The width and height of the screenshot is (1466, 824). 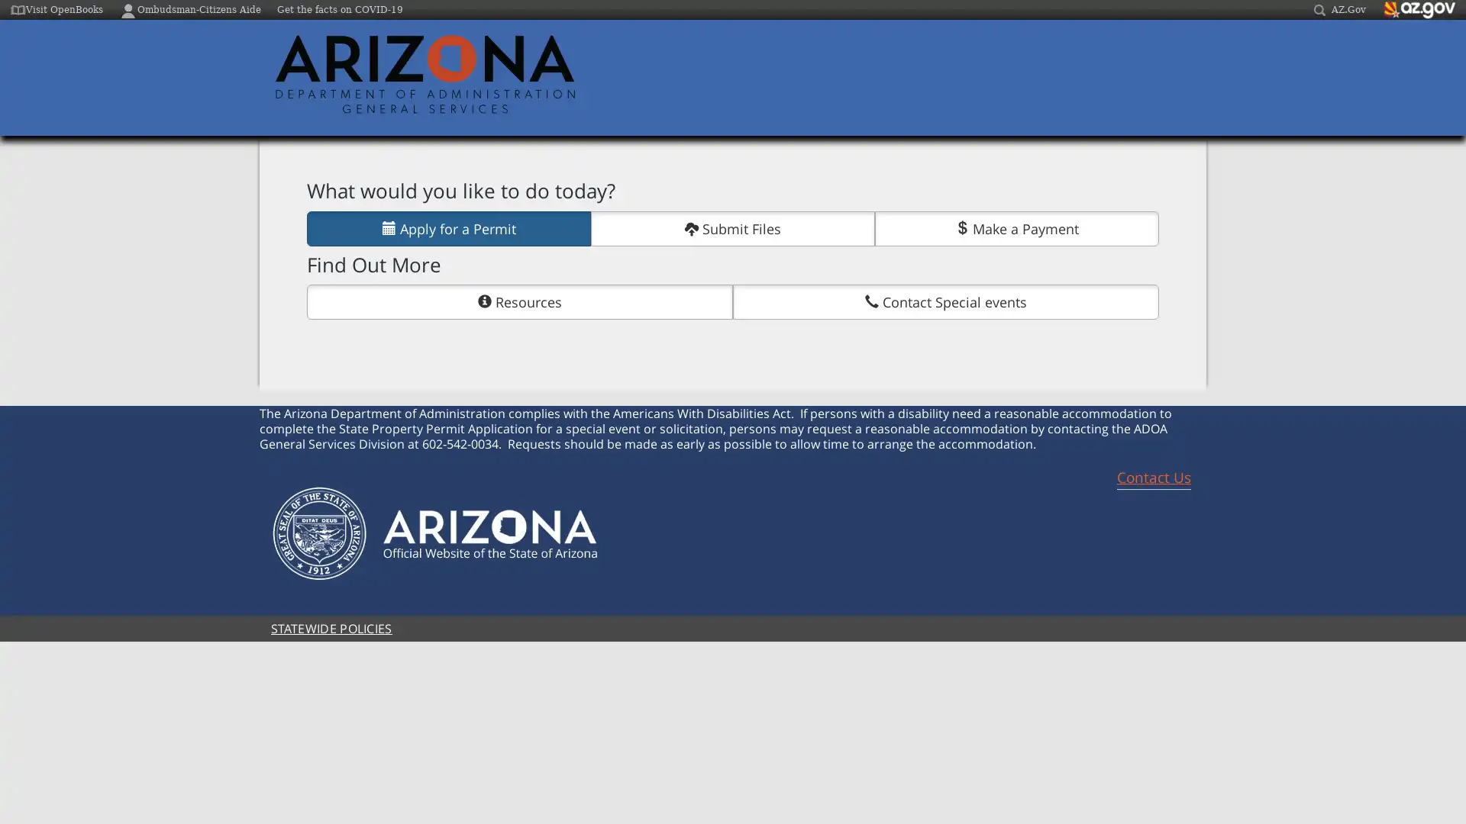 I want to click on Submit Files, so click(x=733, y=228).